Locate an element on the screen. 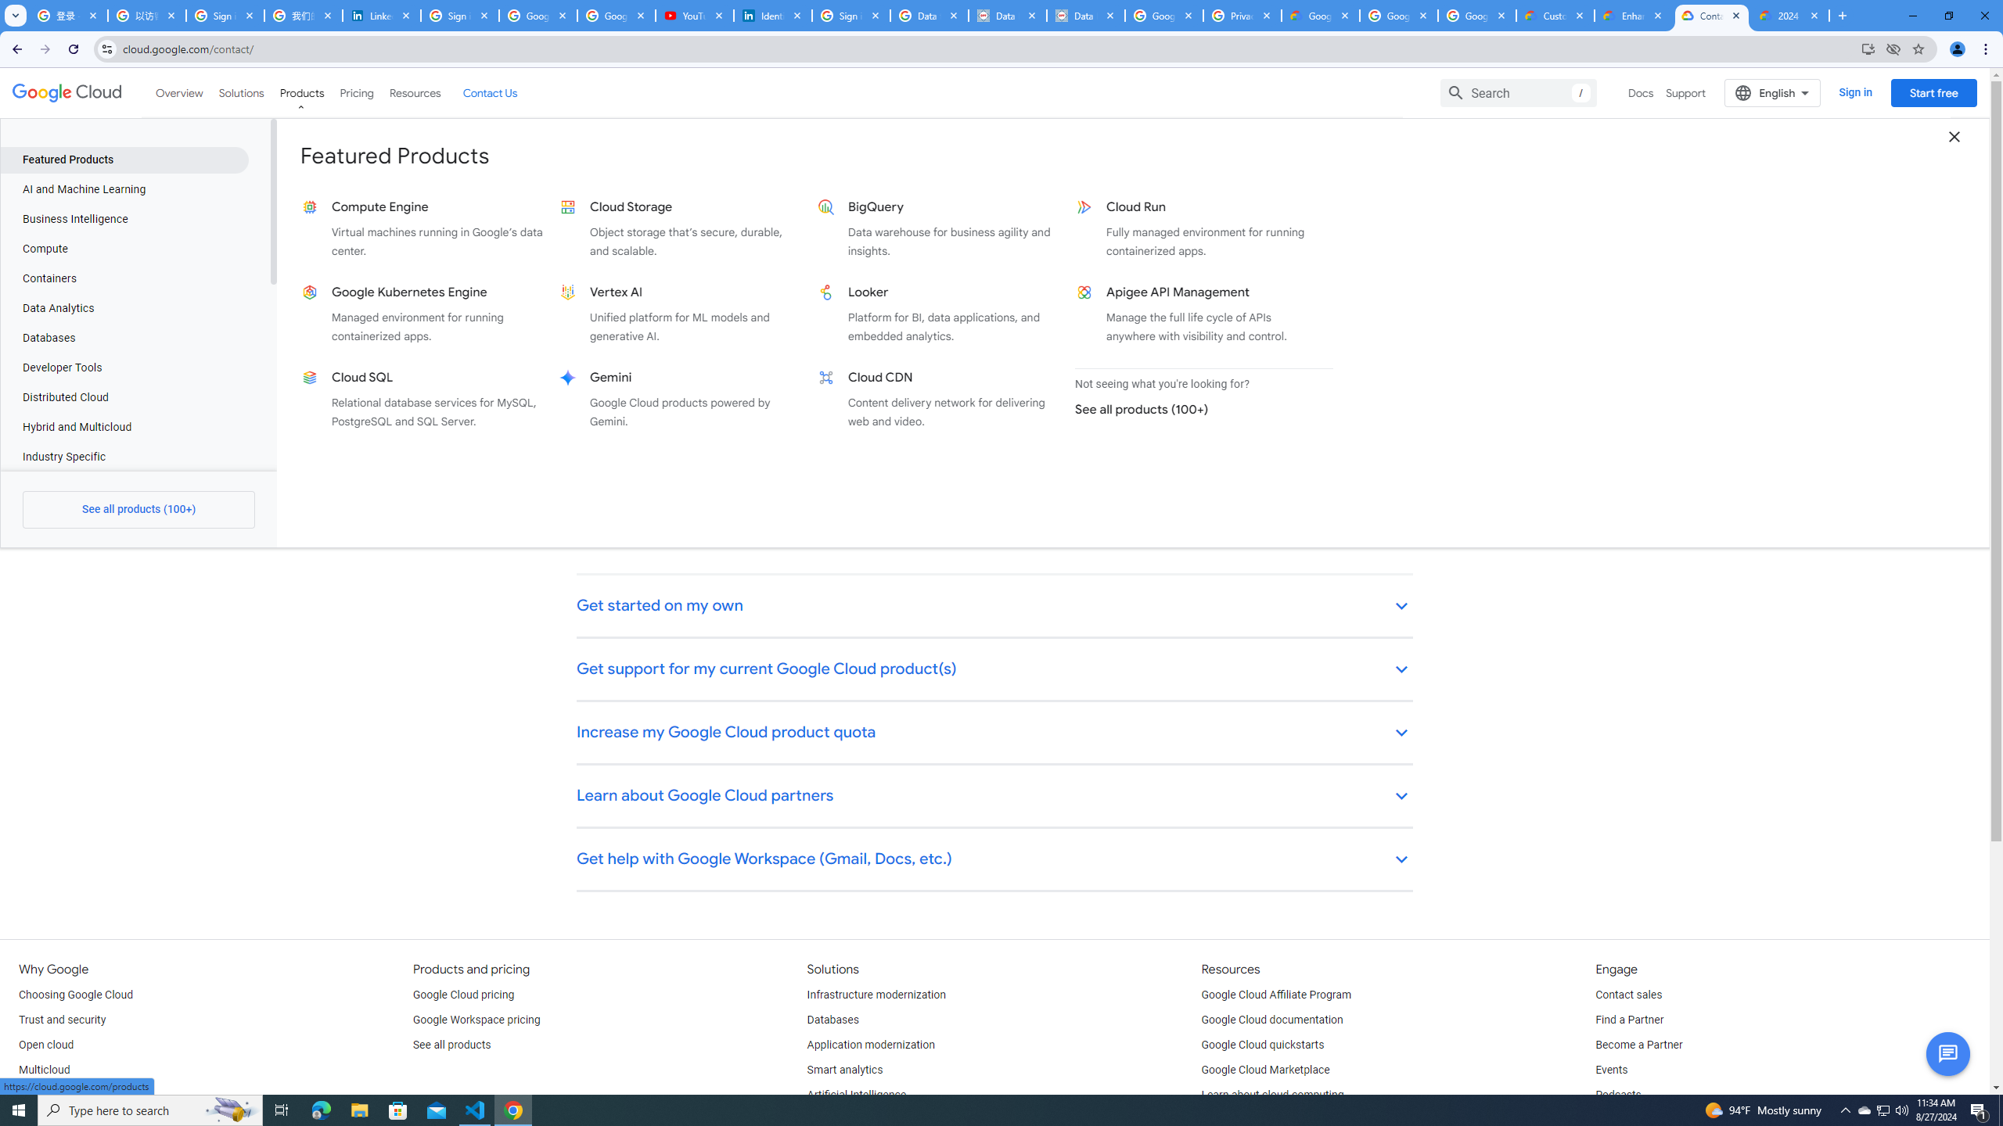 The width and height of the screenshot is (2003, 1126). 'Customer Care | Google Cloud' is located at coordinates (1556, 15).